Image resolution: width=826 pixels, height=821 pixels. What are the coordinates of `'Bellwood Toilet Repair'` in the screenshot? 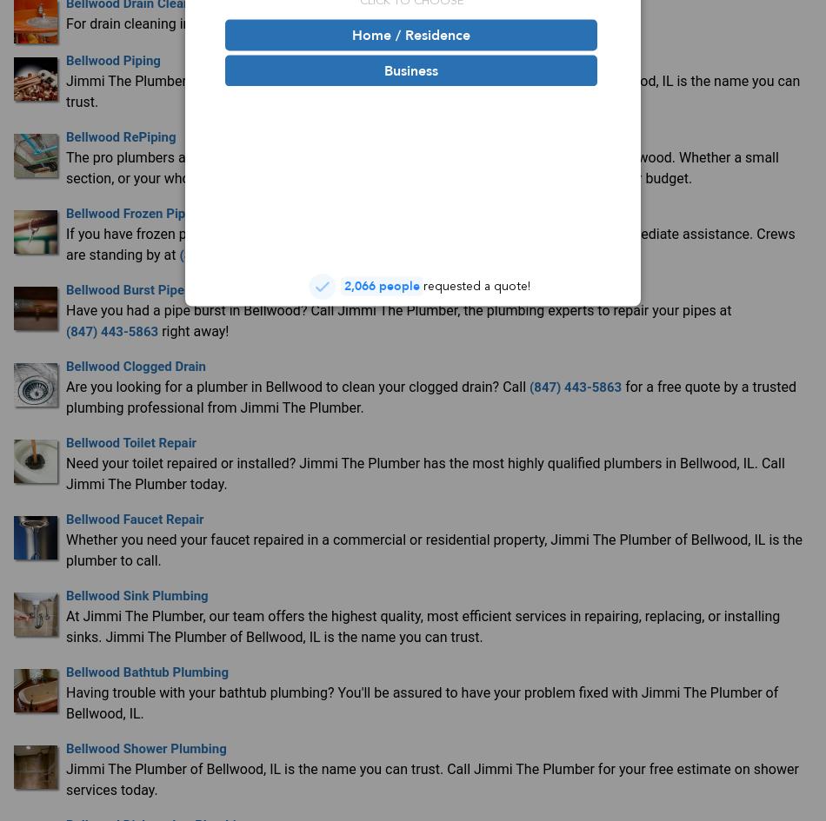 It's located at (130, 440).